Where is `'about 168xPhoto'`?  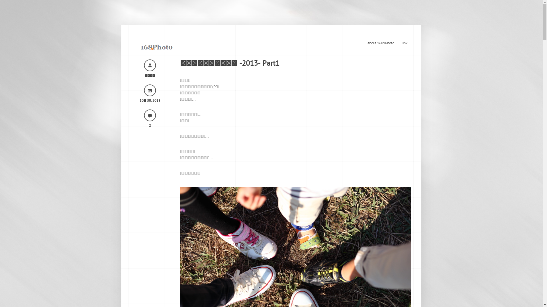 'about 168xPhoto' is located at coordinates (380, 43).